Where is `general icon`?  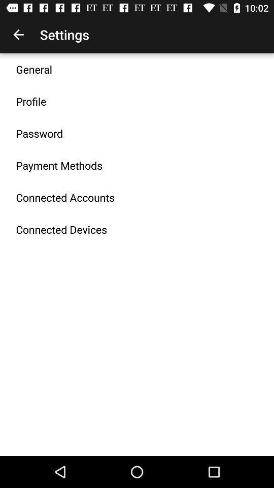
general icon is located at coordinates (34, 69).